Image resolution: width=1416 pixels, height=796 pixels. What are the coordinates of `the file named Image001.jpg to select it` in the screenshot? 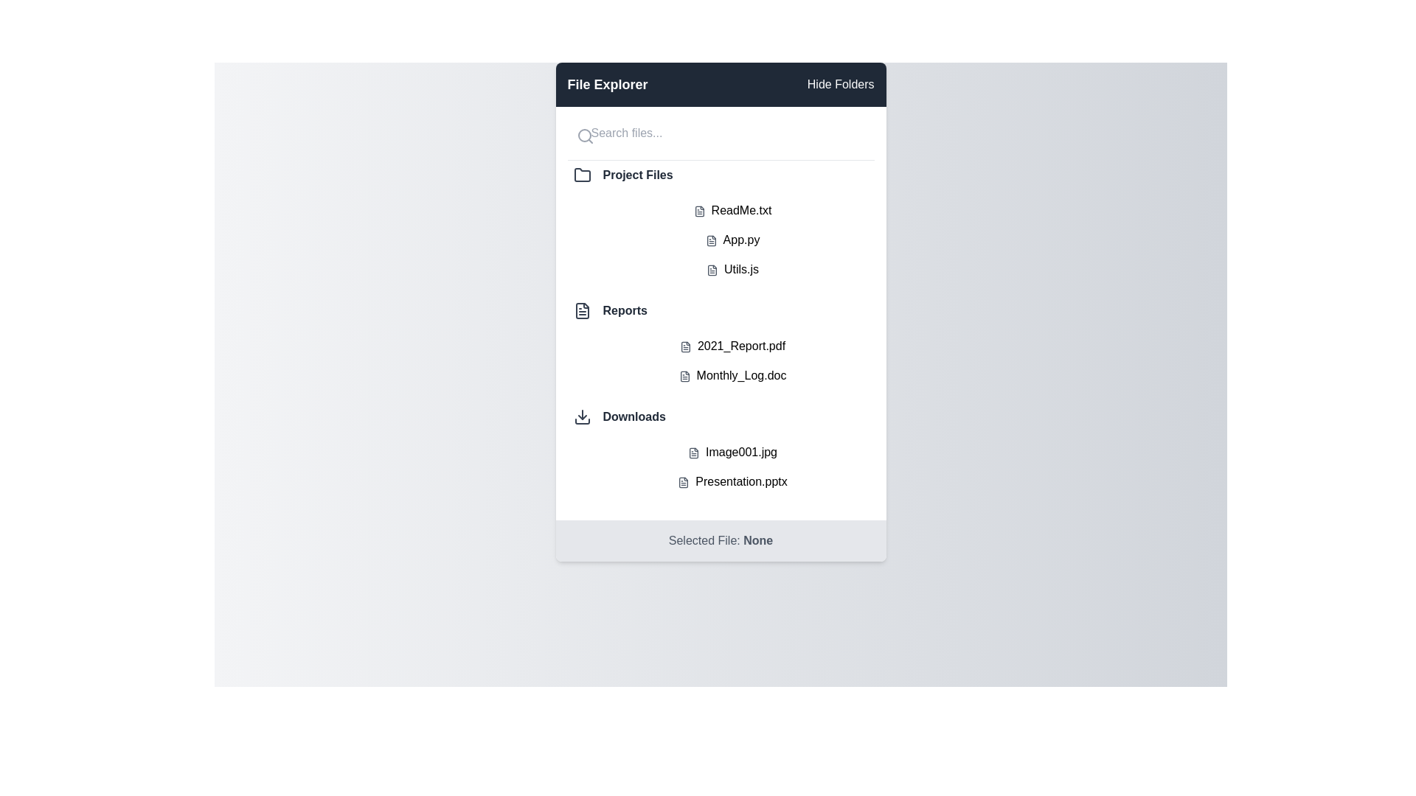 It's located at (732, 451).